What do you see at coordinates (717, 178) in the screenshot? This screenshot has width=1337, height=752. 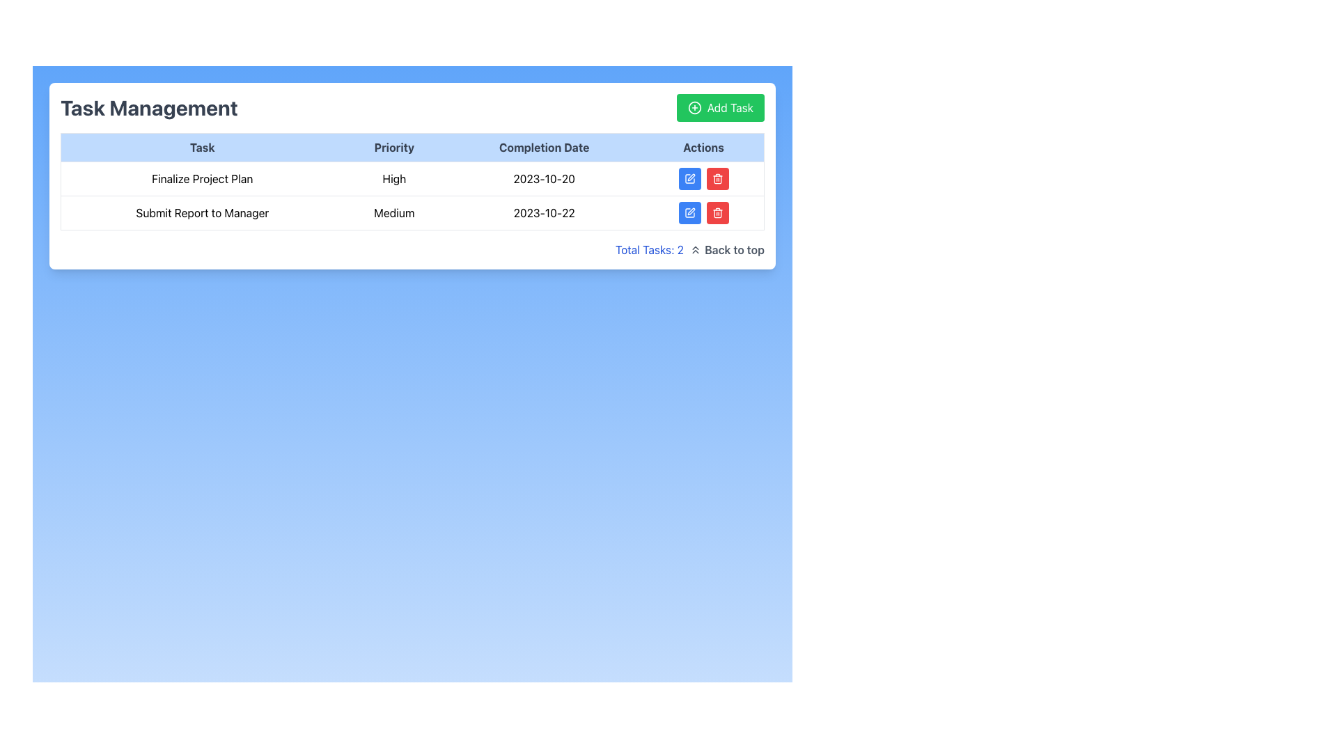 I see `the delete button located in the second column under the 'Actions' heading in the table, which is the second button in the action column for each row` at bounding box center [717, 178].